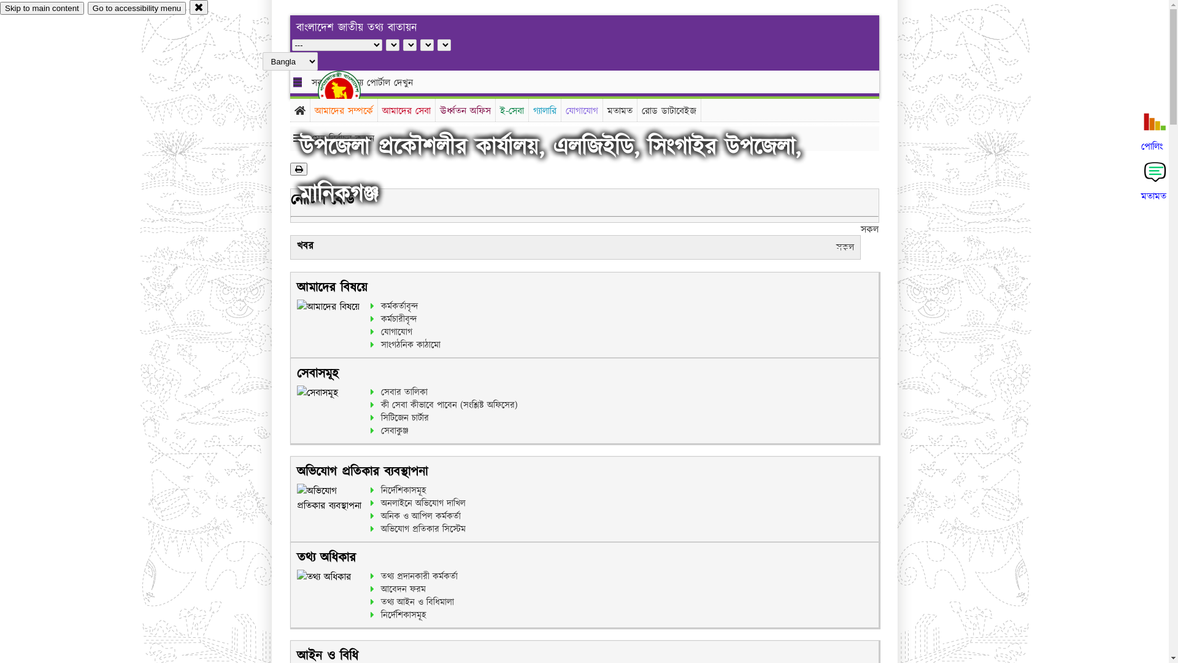 This screenshot has width=1178, height=663. I want to click on 'Go to accessibility menu', so click(136, 8).